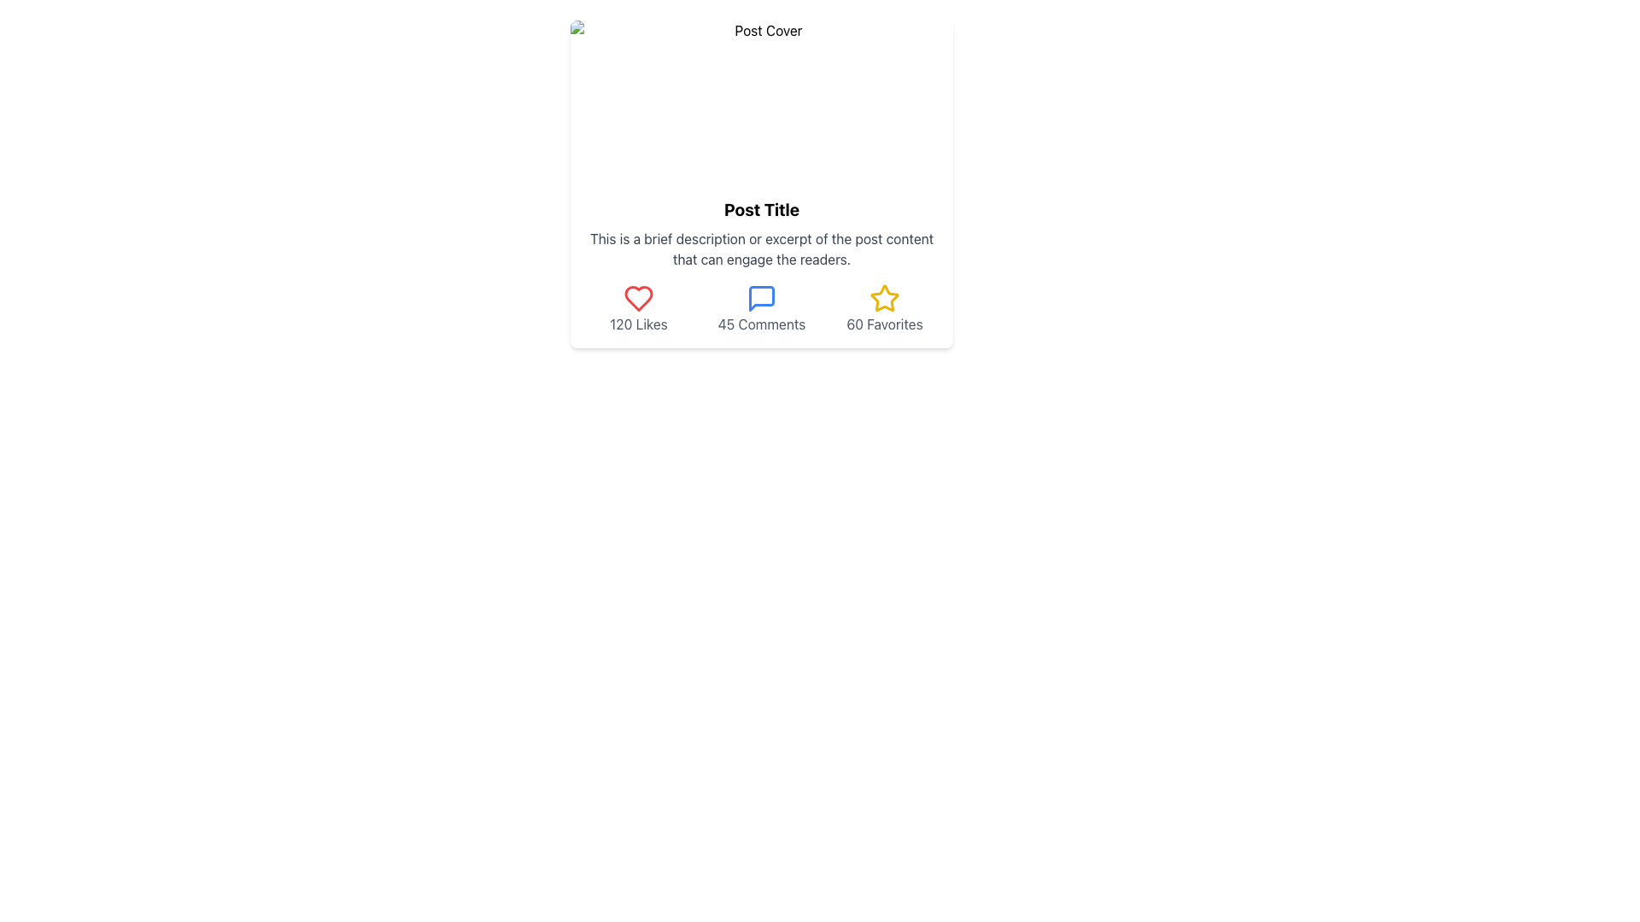 This screenshot has width=1640, height=922. What do you see at coordinates (885, 297) in the screenshot?
I see `the favorite icon, which is represented by a star and located at the bottom right of the content card` at bounding box center [885, 297].